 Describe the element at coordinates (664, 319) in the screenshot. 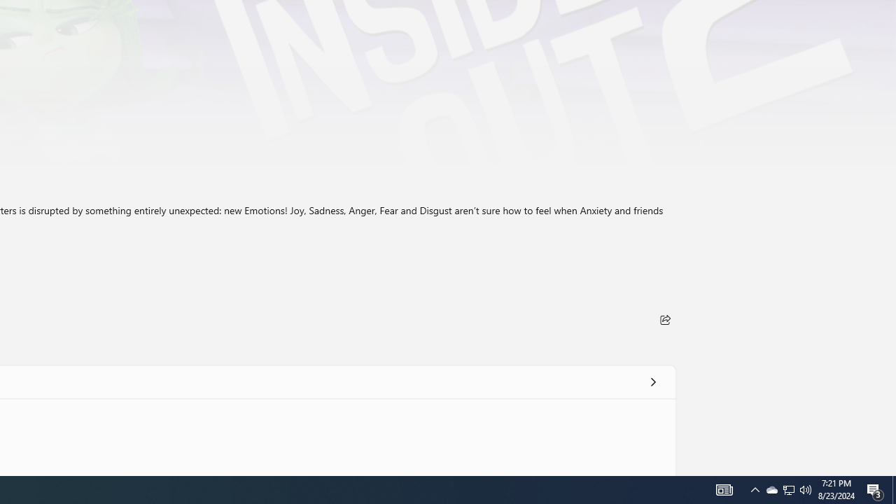

I see `'Share'` at that location.